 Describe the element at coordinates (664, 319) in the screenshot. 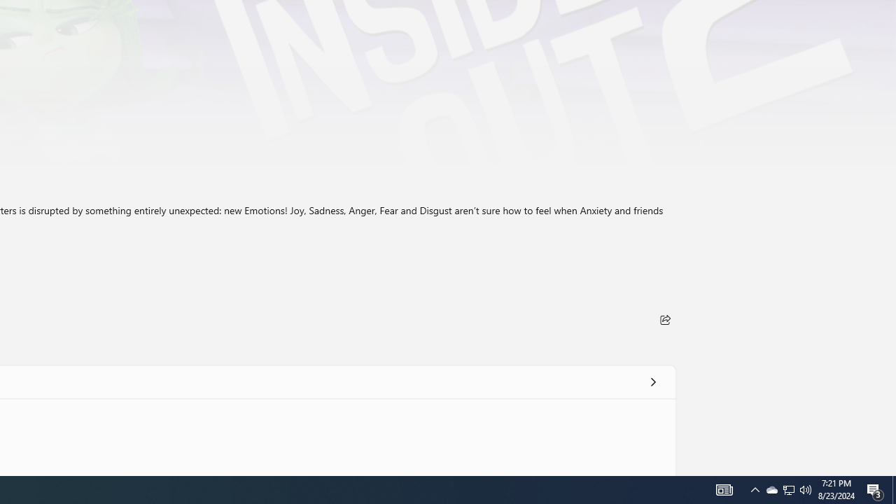

I see `'Share'` at that location.